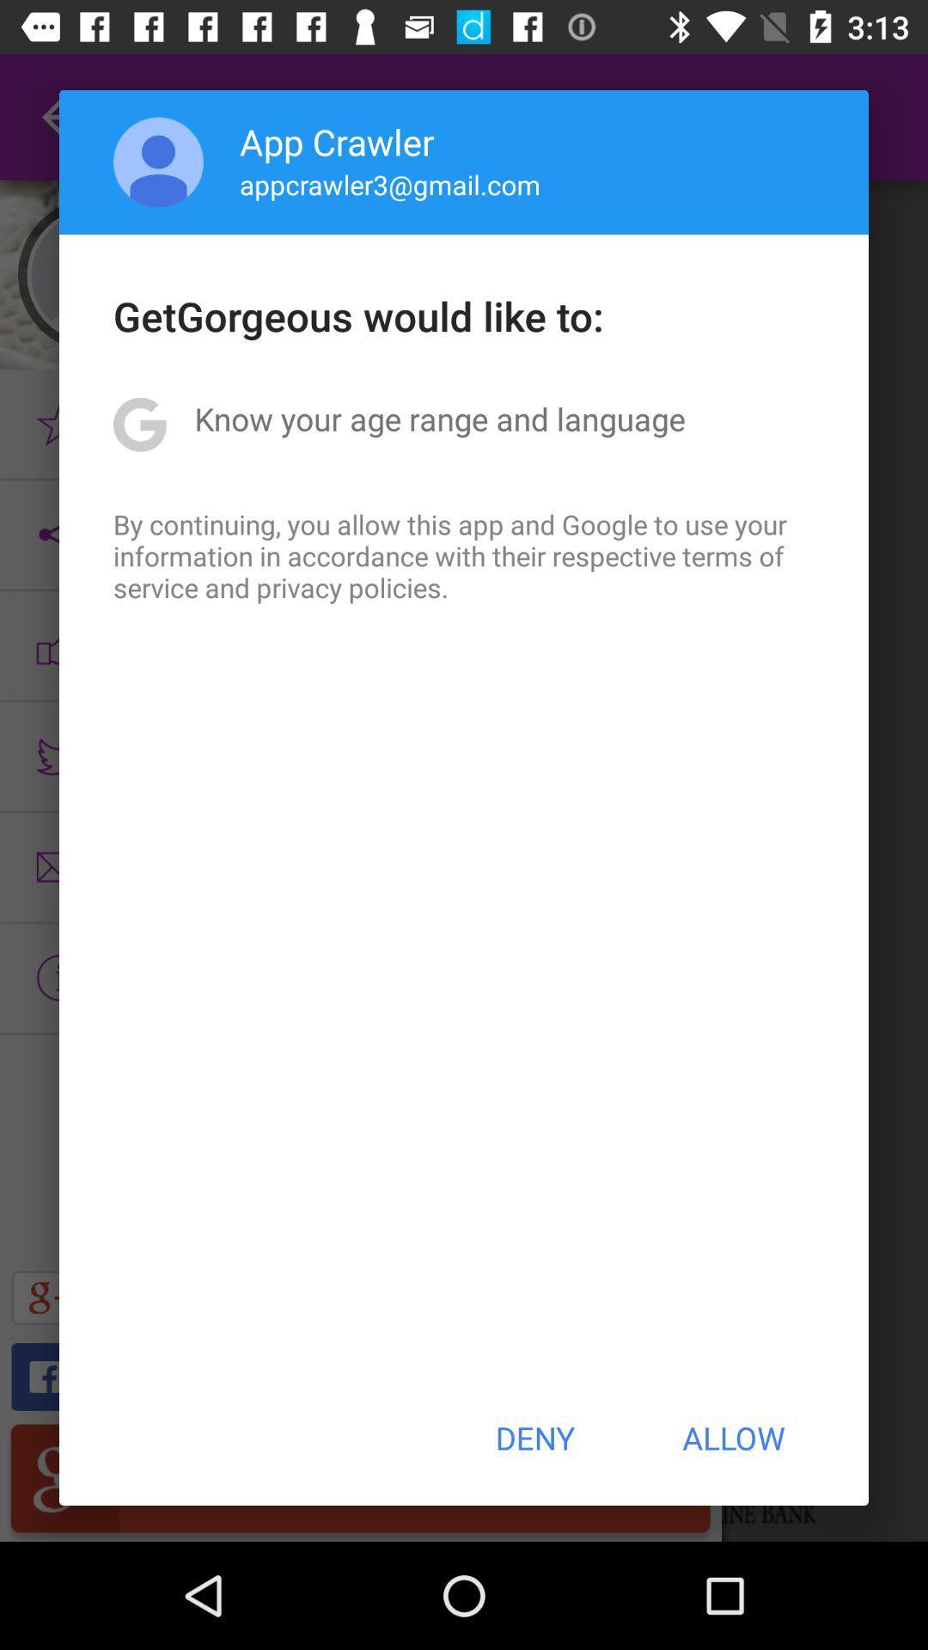  What do you see at coordinates (158, 162) in the screenshot?
I see `the app next to app crawler icon` at bounding box center [158, 162].